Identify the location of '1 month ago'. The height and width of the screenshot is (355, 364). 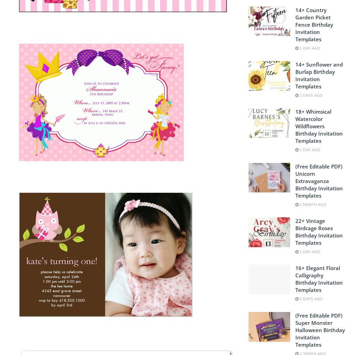
(311, 204).